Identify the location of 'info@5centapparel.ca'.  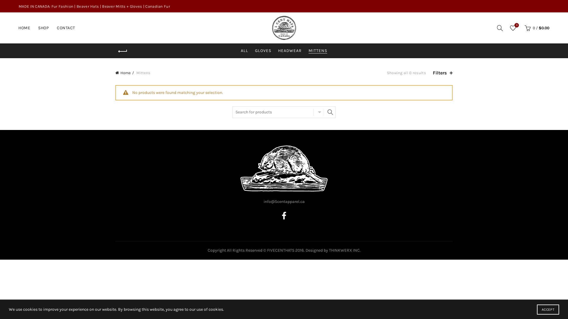
(283, 201).